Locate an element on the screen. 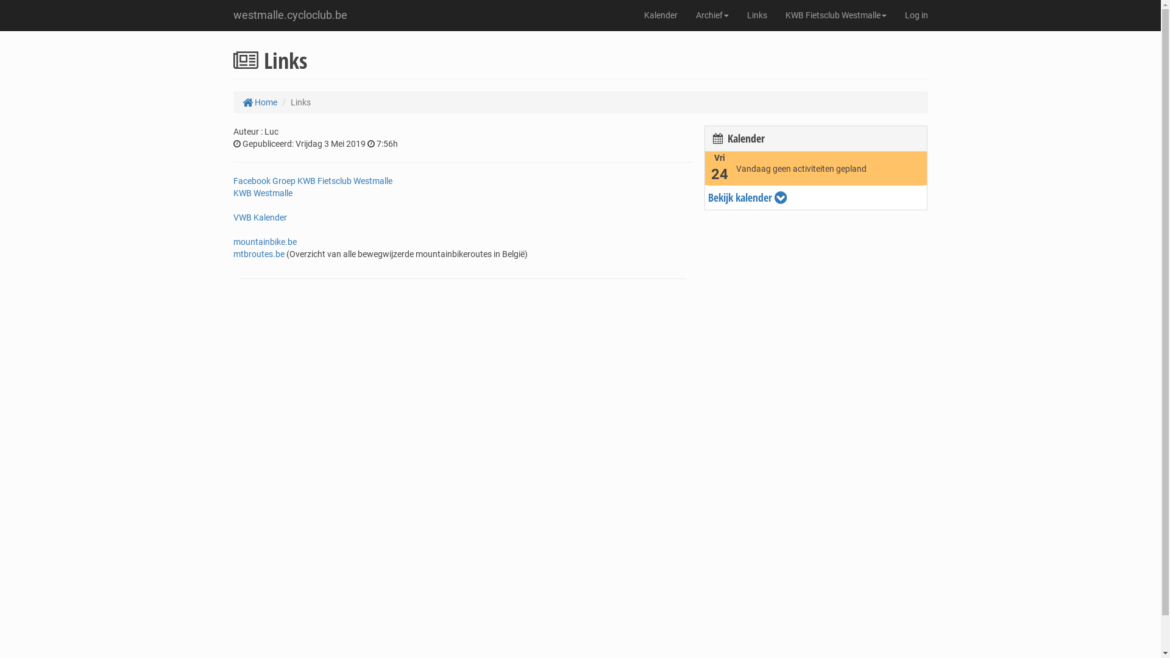 This screenshot has width=1170, height=658. 'mountainbike.be' is located at coordinates (263, 242).